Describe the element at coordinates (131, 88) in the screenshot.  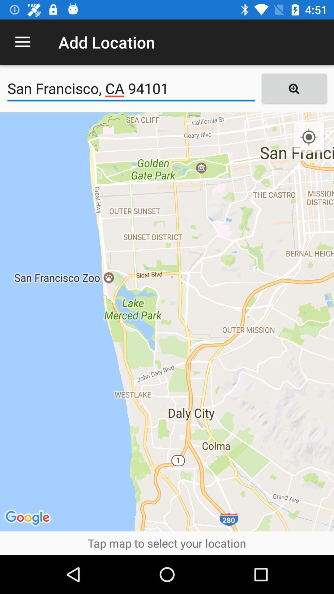
I see `the san francisco ca item` at that location.